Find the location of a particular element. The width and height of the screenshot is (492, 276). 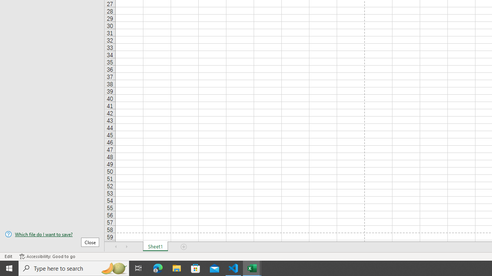

'Accessibility Checker Accessibility: Good to go' is located at coordinates (47, 256).